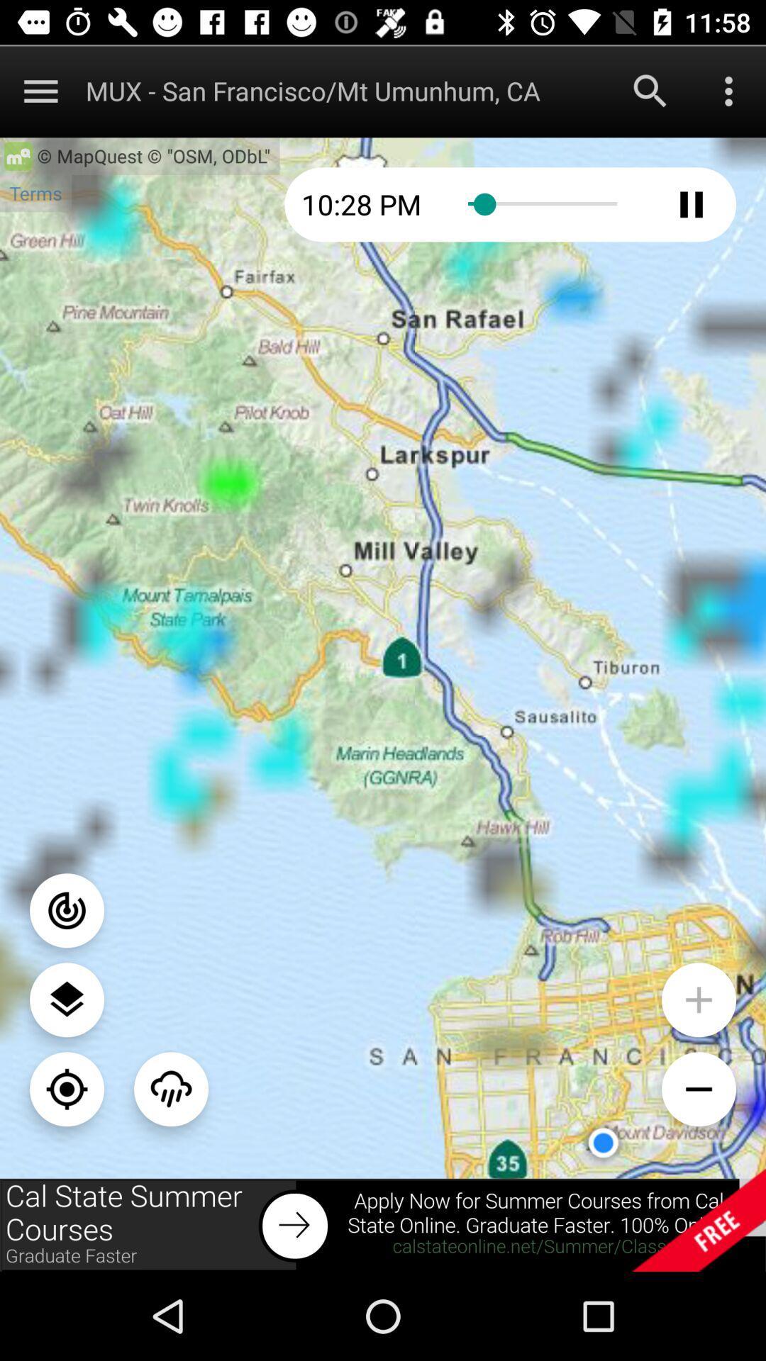 This screenshot has height=1361, width=766. Describe the element at coordinates (170, 1088) in the screenshot. I see `weather view` at that location.